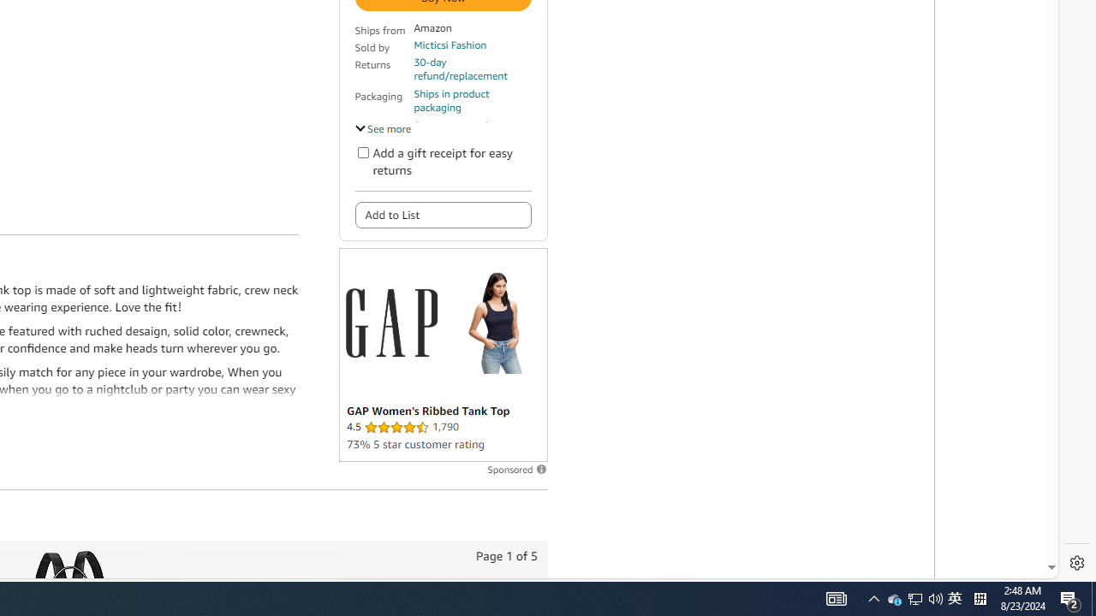 The height and width of the screenshot is (616, 1096). I want to click on 'Secure transaction', so click(456, 124).